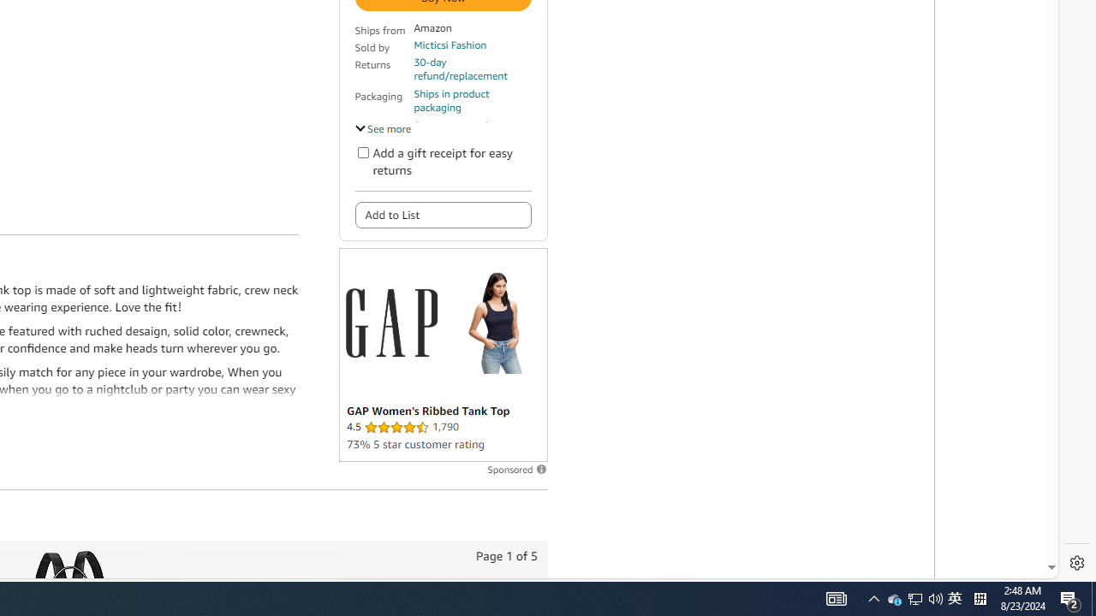 The height and width of the screenshot is (616, 1096). I want to click on 'Secure transaction', so click(456, 124).